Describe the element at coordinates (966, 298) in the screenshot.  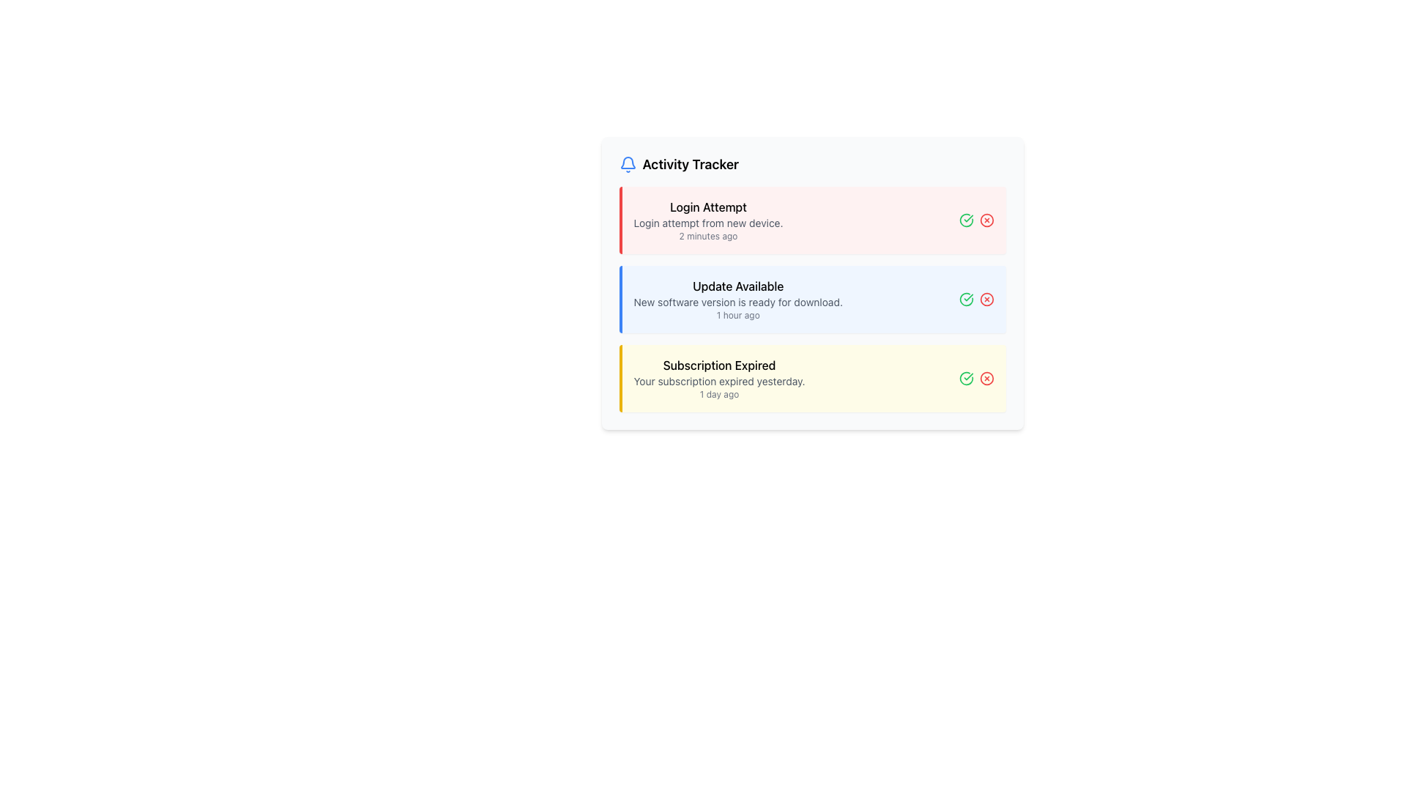
I see `the green circular icon with a checkmark in the center to confirm or acknowledge the notification in the 'Activity Tracker' interface, specifically in the 'Update Available' section` at that location.